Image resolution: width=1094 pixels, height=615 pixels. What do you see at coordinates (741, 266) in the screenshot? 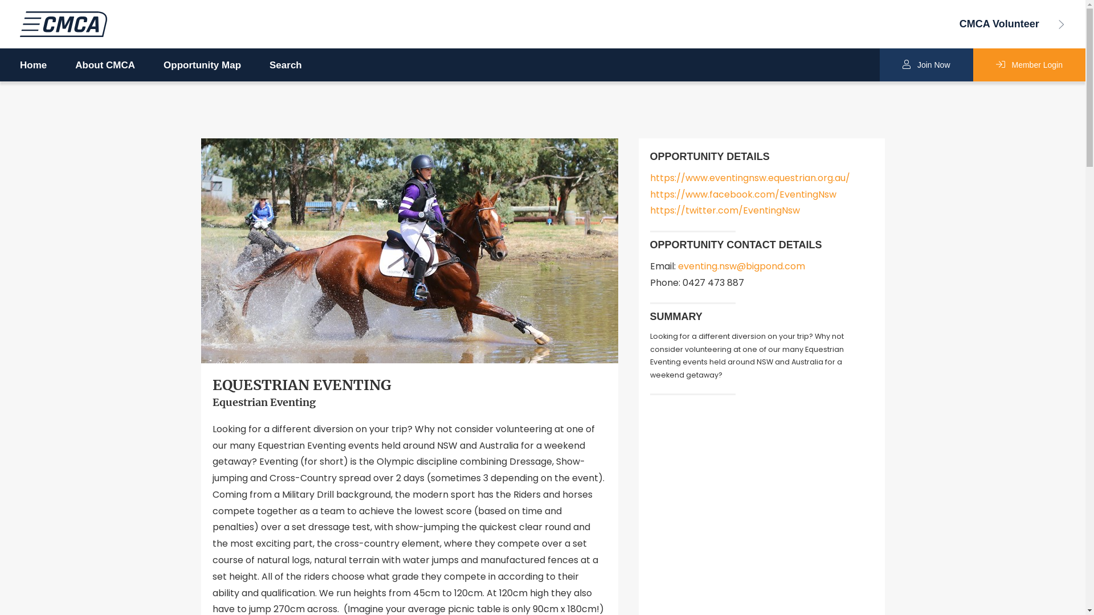
I see `'eventing.nsw@bigpond.com'` at bounding box center [741, 266].